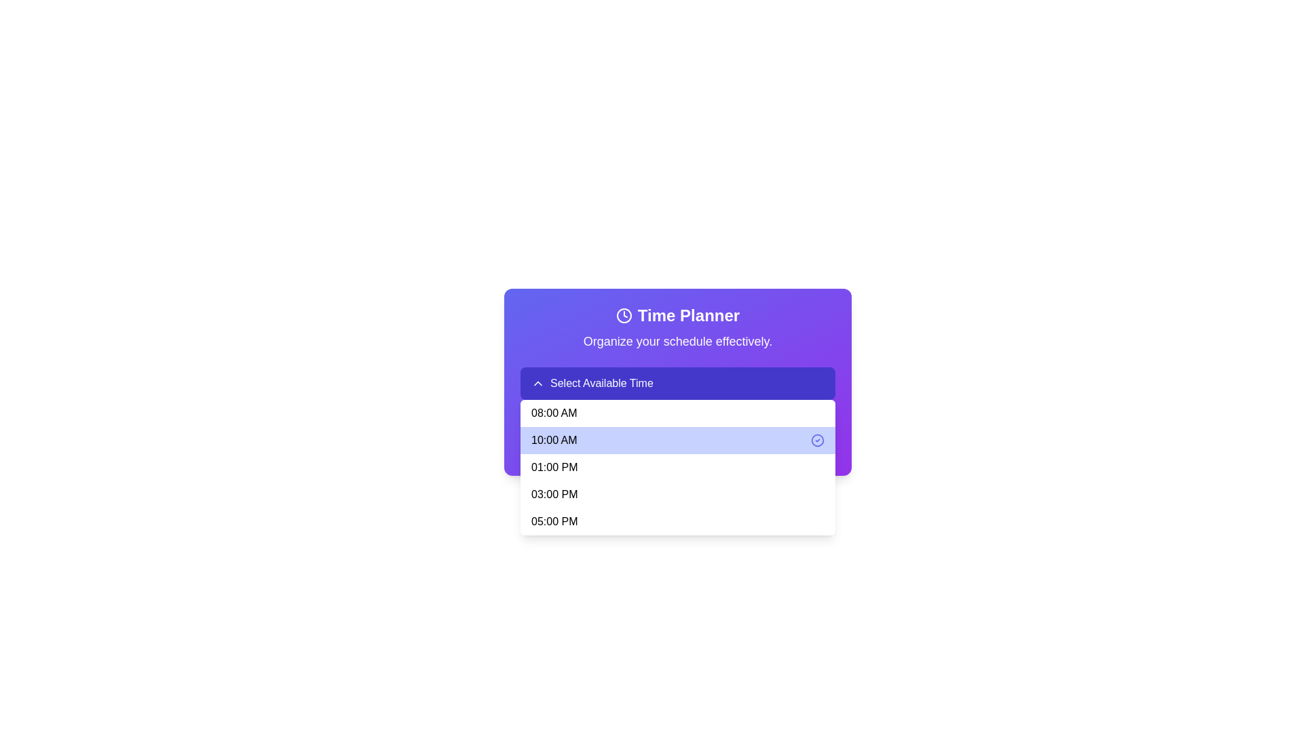 This screenshot has width=1303, height=732. What do you see at coordinates (623, 316) in the screenshot?
I see `the outer boundary of the clock icon, which is a circle SVG graphic component located above the 'Time Planner' text` at bounding box center [623, 316].